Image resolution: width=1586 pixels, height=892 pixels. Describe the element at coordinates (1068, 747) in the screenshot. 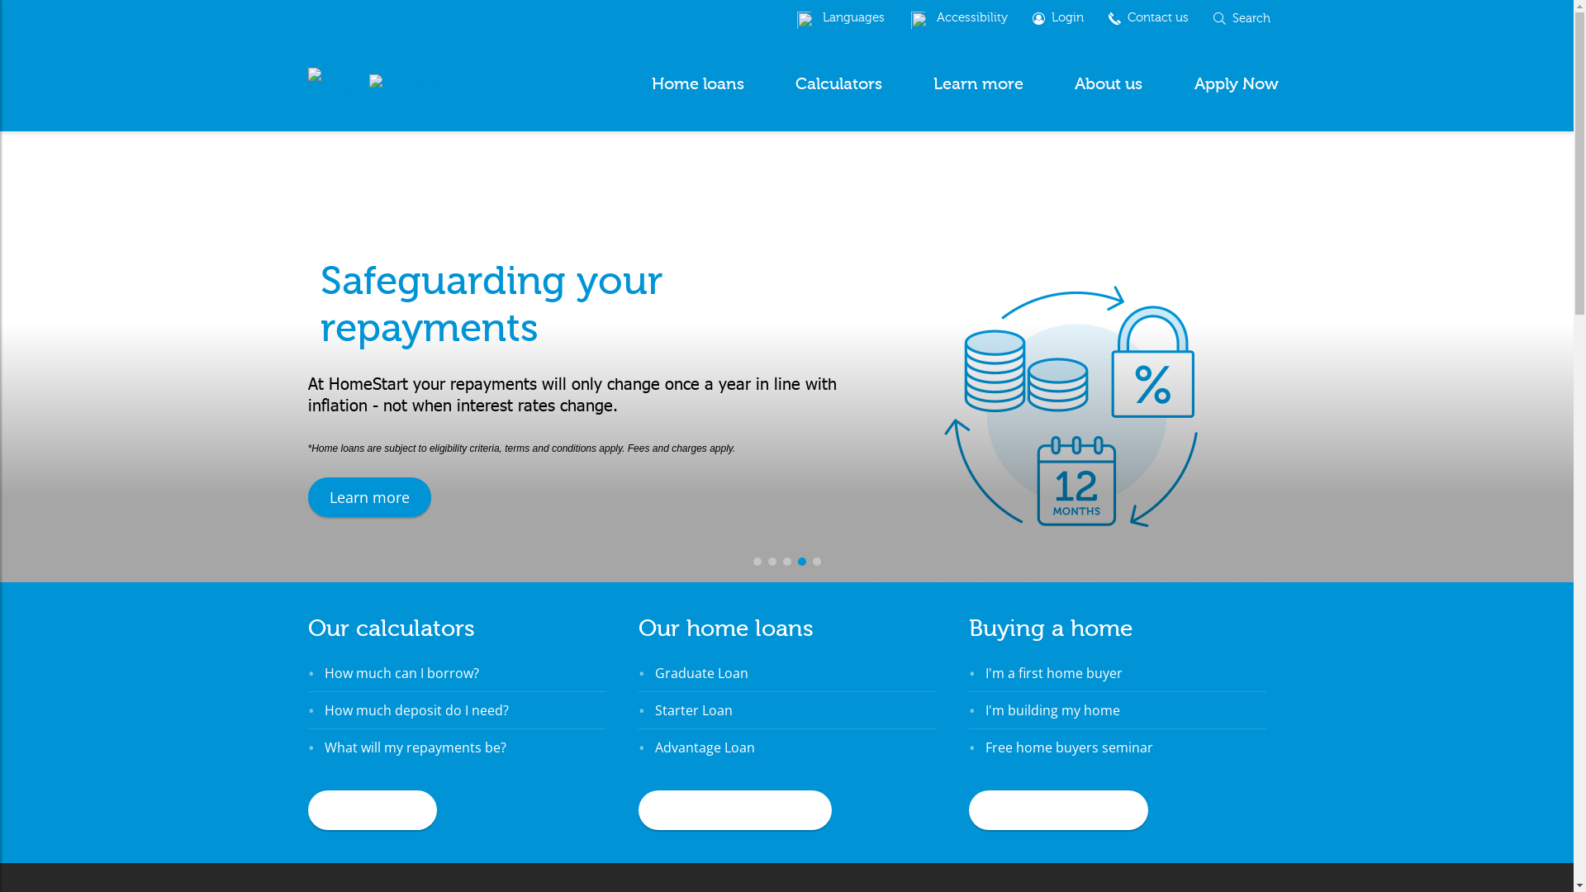

I see `'Free home buyers seminar'` at that location.